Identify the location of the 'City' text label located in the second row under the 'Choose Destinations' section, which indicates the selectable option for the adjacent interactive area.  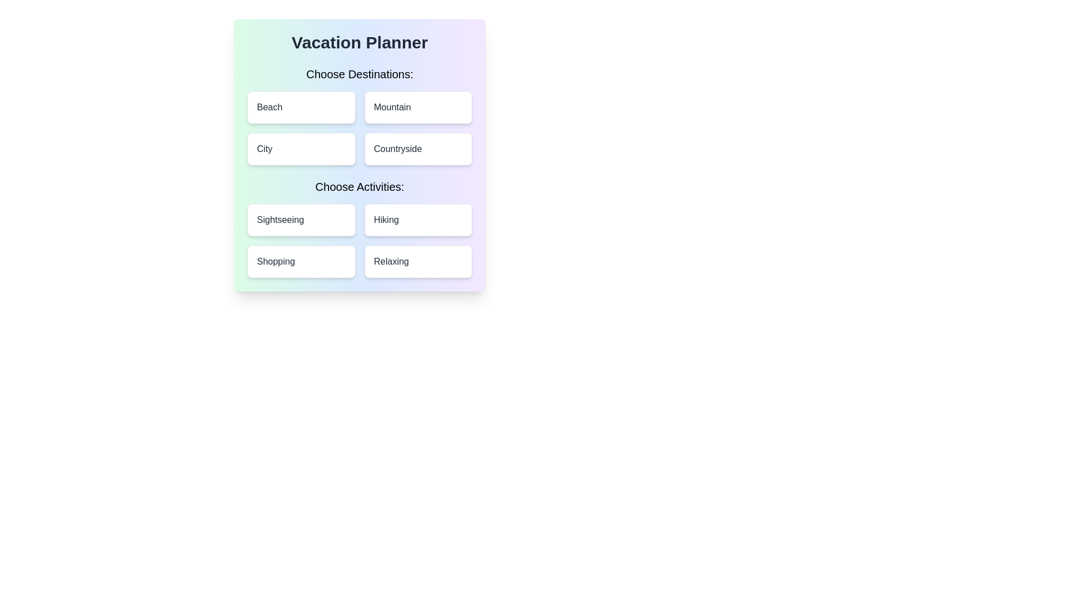
(264, 149).